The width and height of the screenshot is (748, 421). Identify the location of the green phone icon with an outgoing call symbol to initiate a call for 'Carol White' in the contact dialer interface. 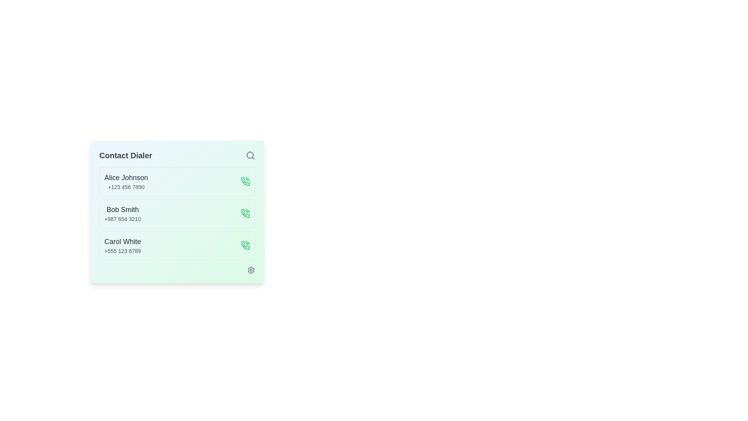
(245, 245).